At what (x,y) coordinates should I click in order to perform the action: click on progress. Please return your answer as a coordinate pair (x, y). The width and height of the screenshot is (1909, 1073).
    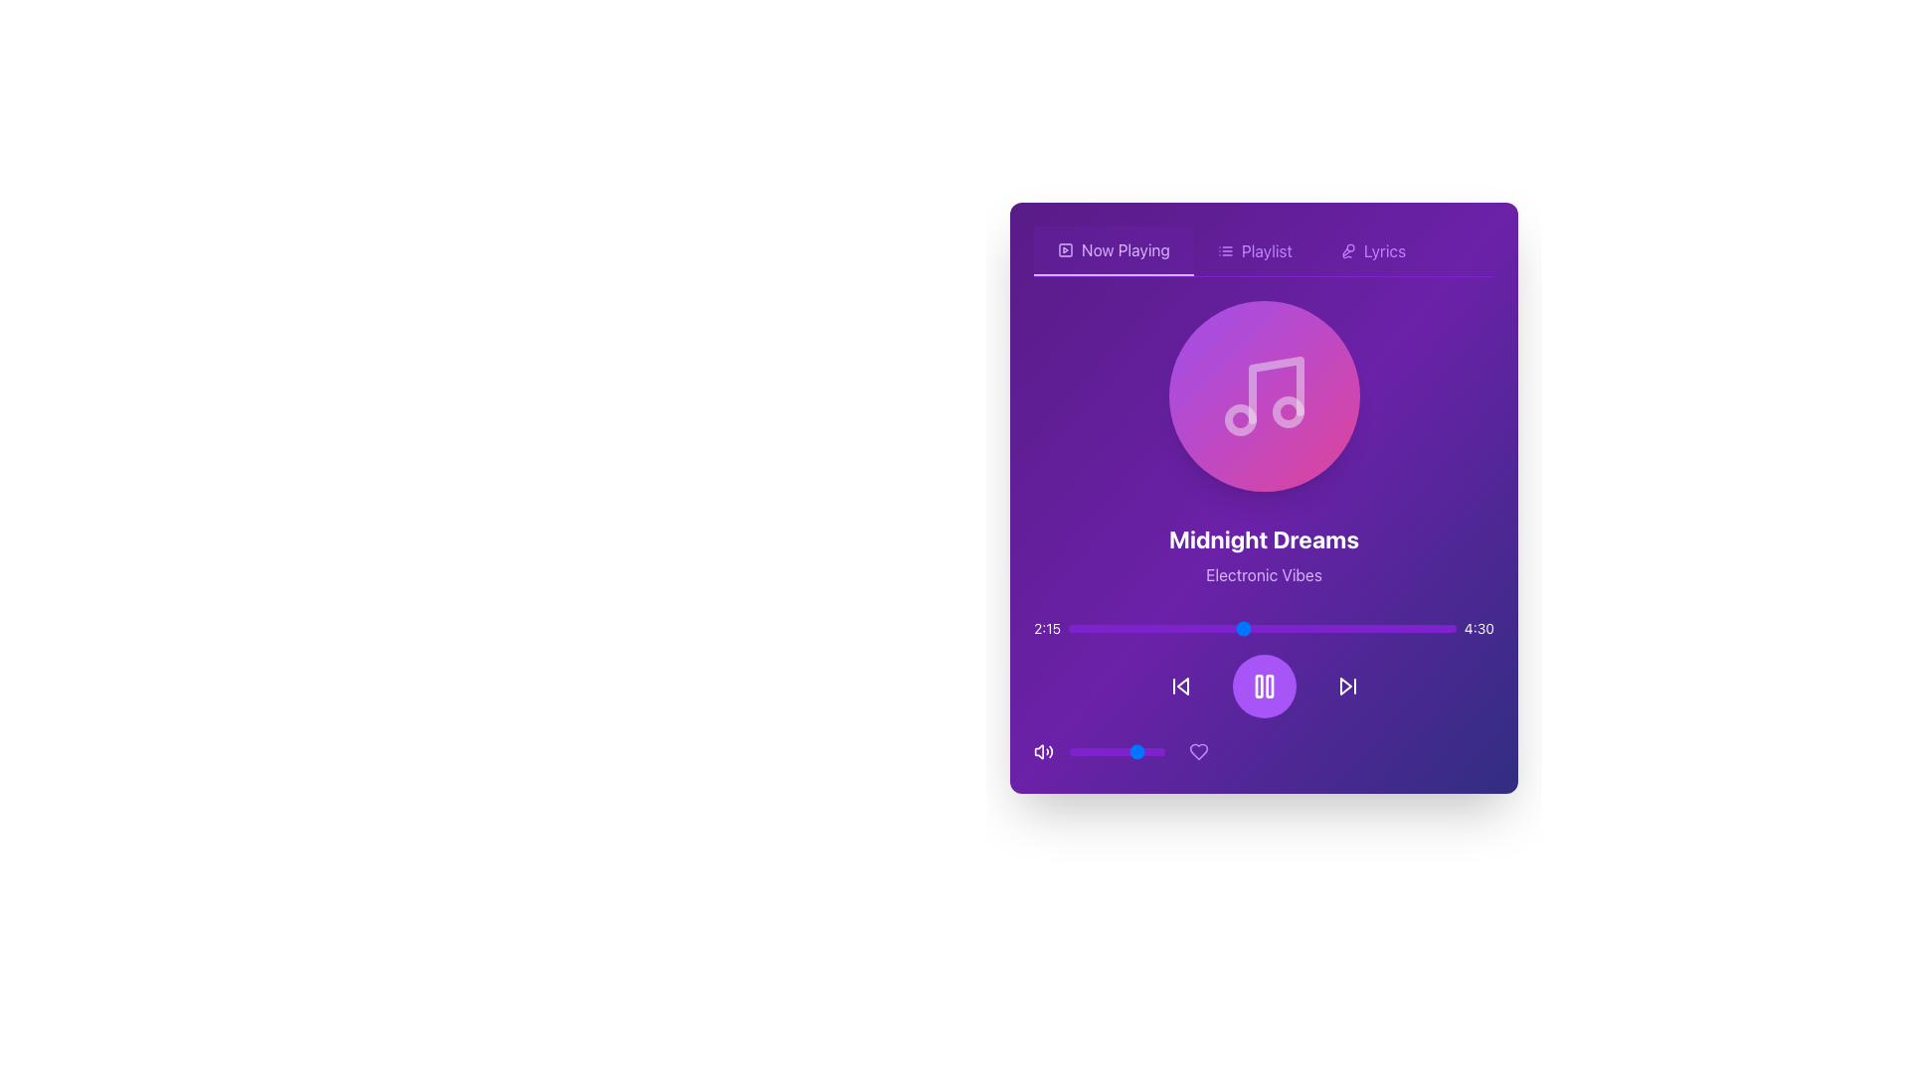
    Looking at the image, I should click on (1173, 628).